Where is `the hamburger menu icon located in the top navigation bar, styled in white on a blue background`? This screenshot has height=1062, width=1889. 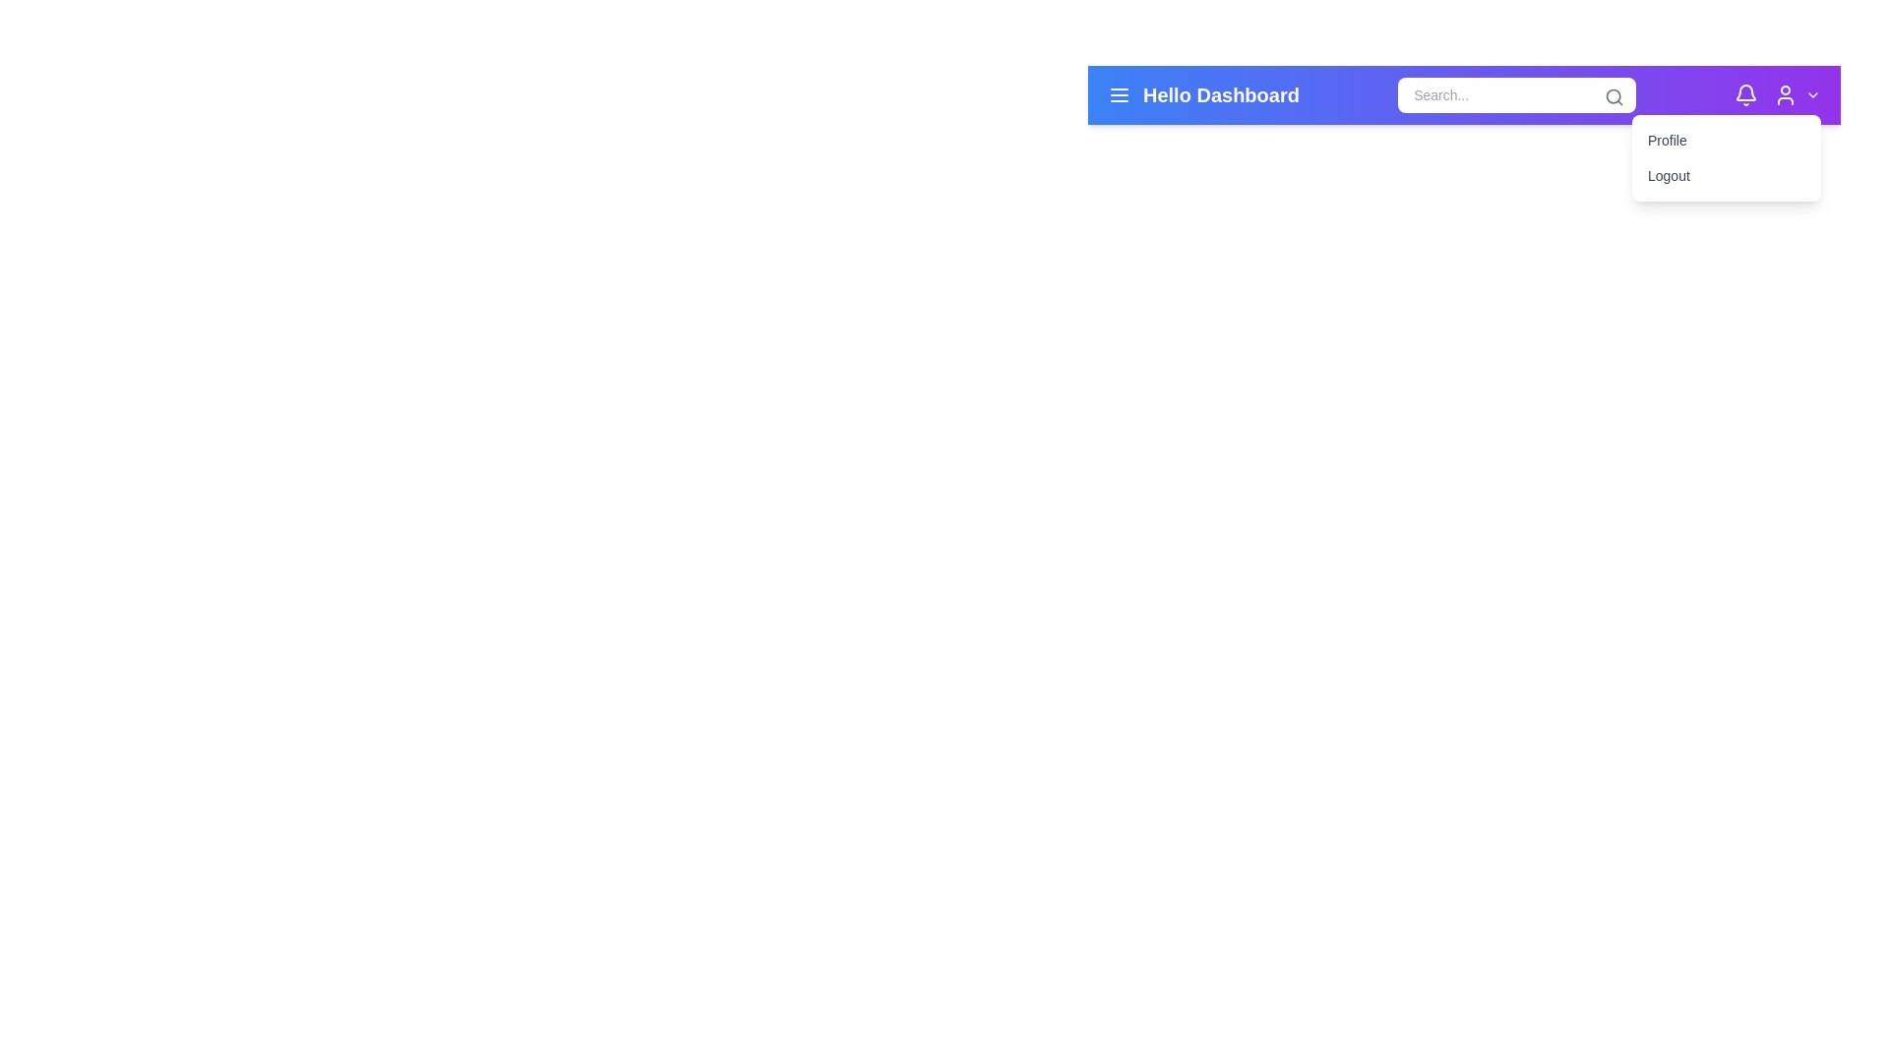
the hamburger menu icon located in the top navigation bar, styled in white on a blue background is located at coordinates (1119, 94).